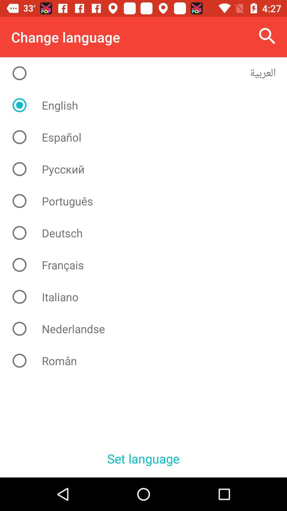  What do you see at coordinates (147, 296) in the screenshot?
I see `the italiano item` at bounding box center [147, 296].